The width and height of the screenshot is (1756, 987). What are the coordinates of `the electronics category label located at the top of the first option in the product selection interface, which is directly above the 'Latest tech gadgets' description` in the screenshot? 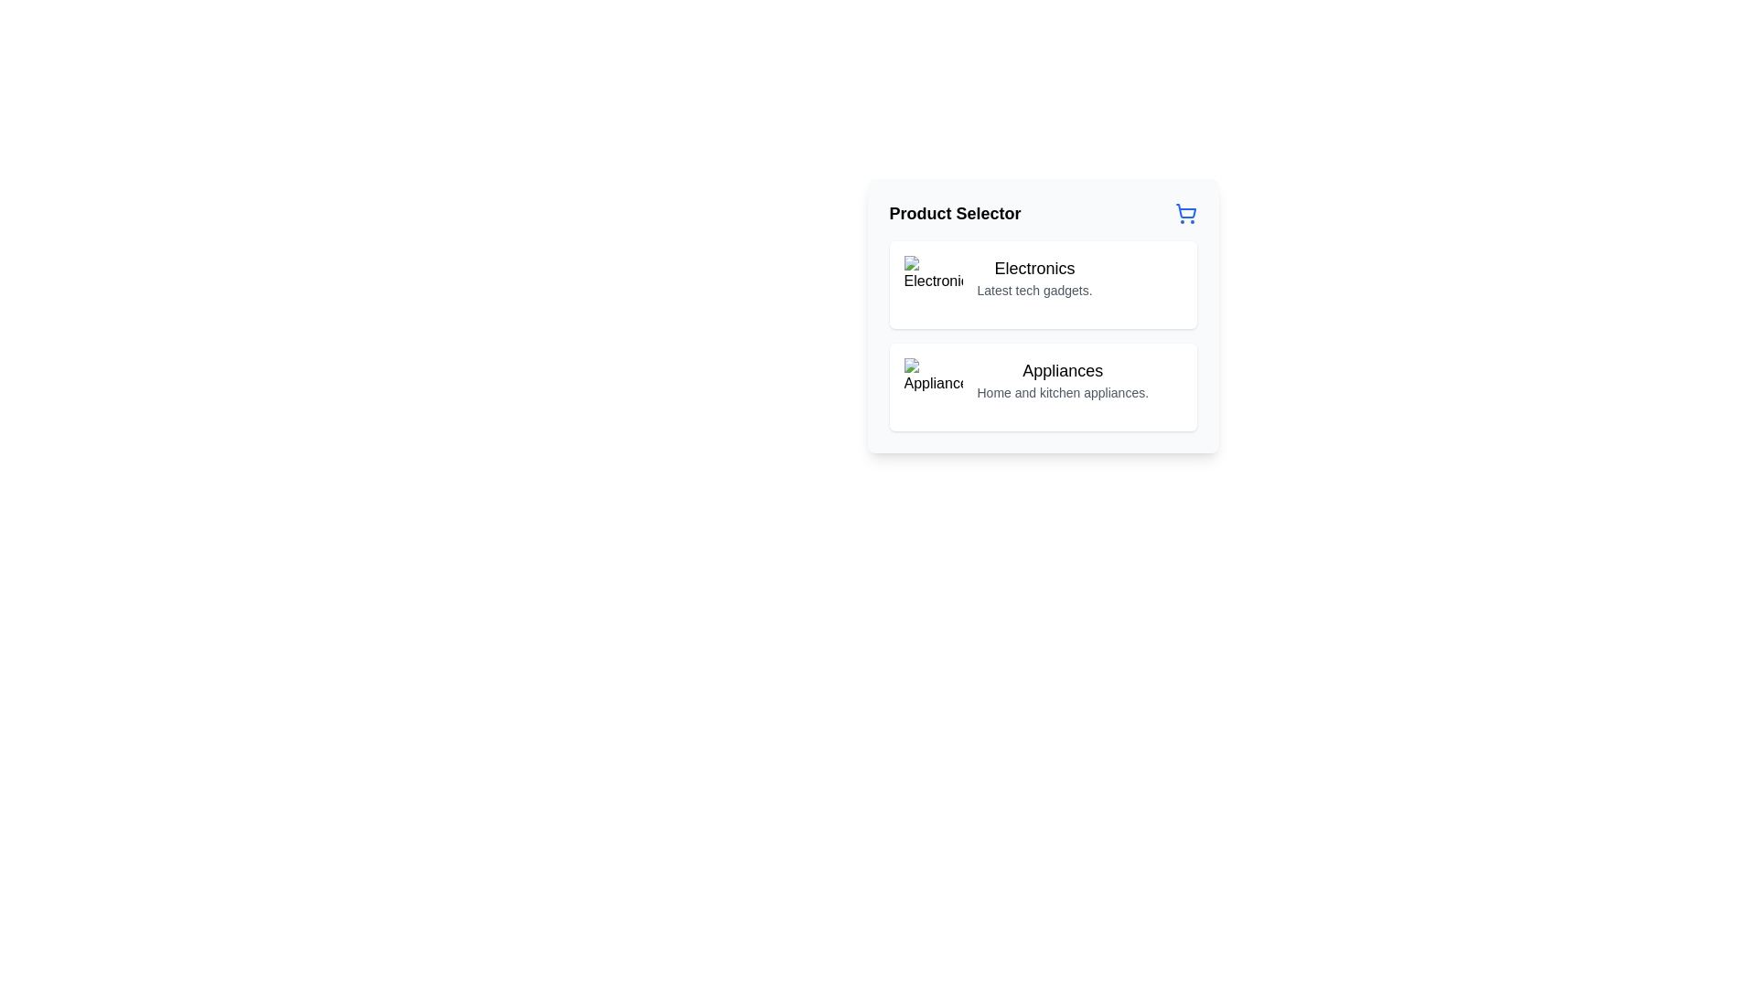 It's located at (1034, 268).